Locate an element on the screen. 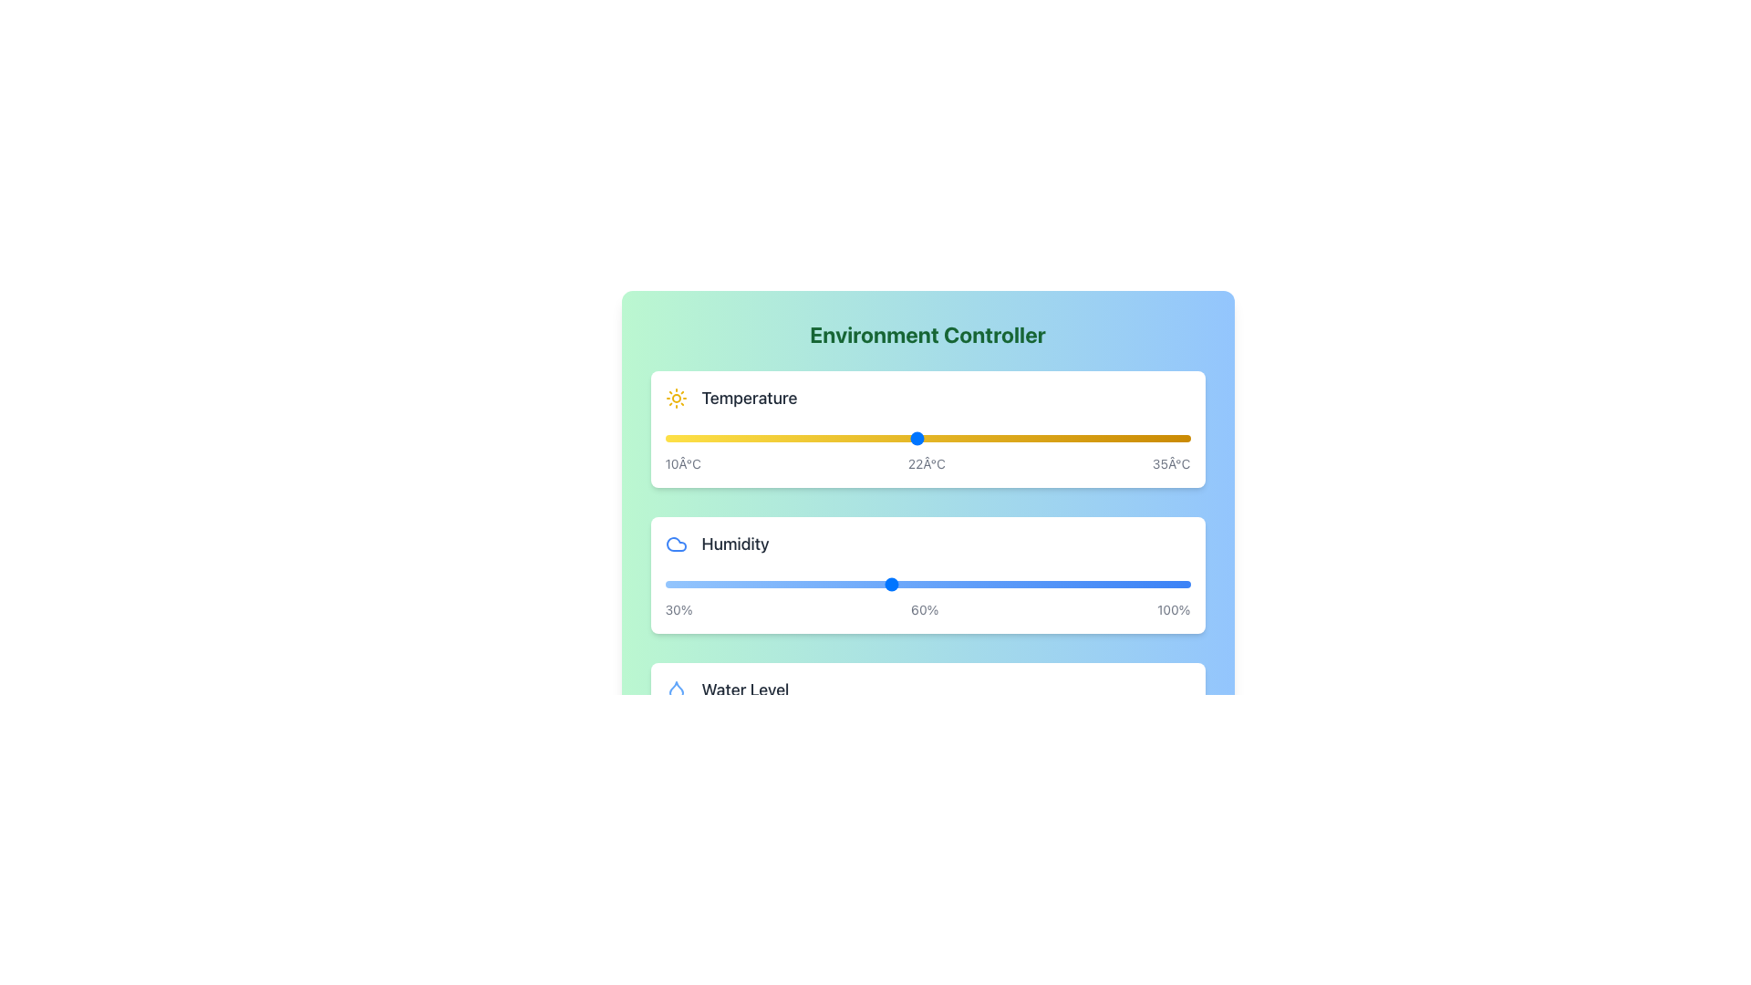  the text label displaying the temperature value (22Â°C) located below the yellow temperature slider bar in the 'Temperature' section of the 'Environment Controller' panel is located at coordinates (927, 463).